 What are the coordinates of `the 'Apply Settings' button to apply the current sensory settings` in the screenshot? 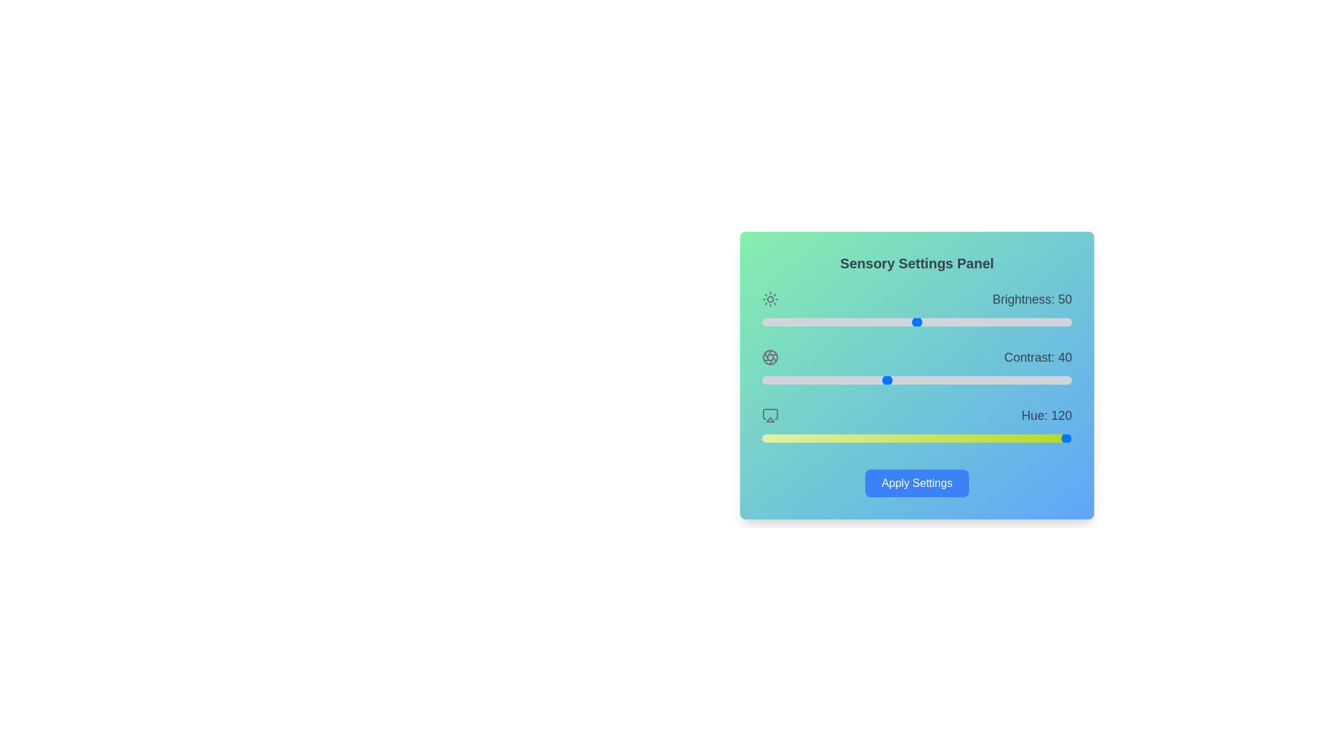 It's located at (916, 482).